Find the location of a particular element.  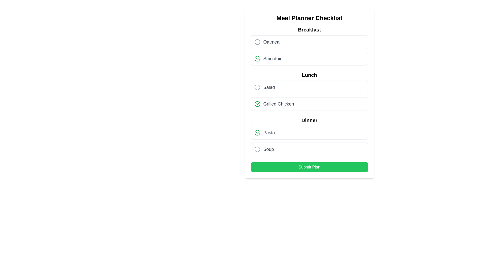

the 'Salad' radio button option in the lunch section is located at coordinates (309, 87).